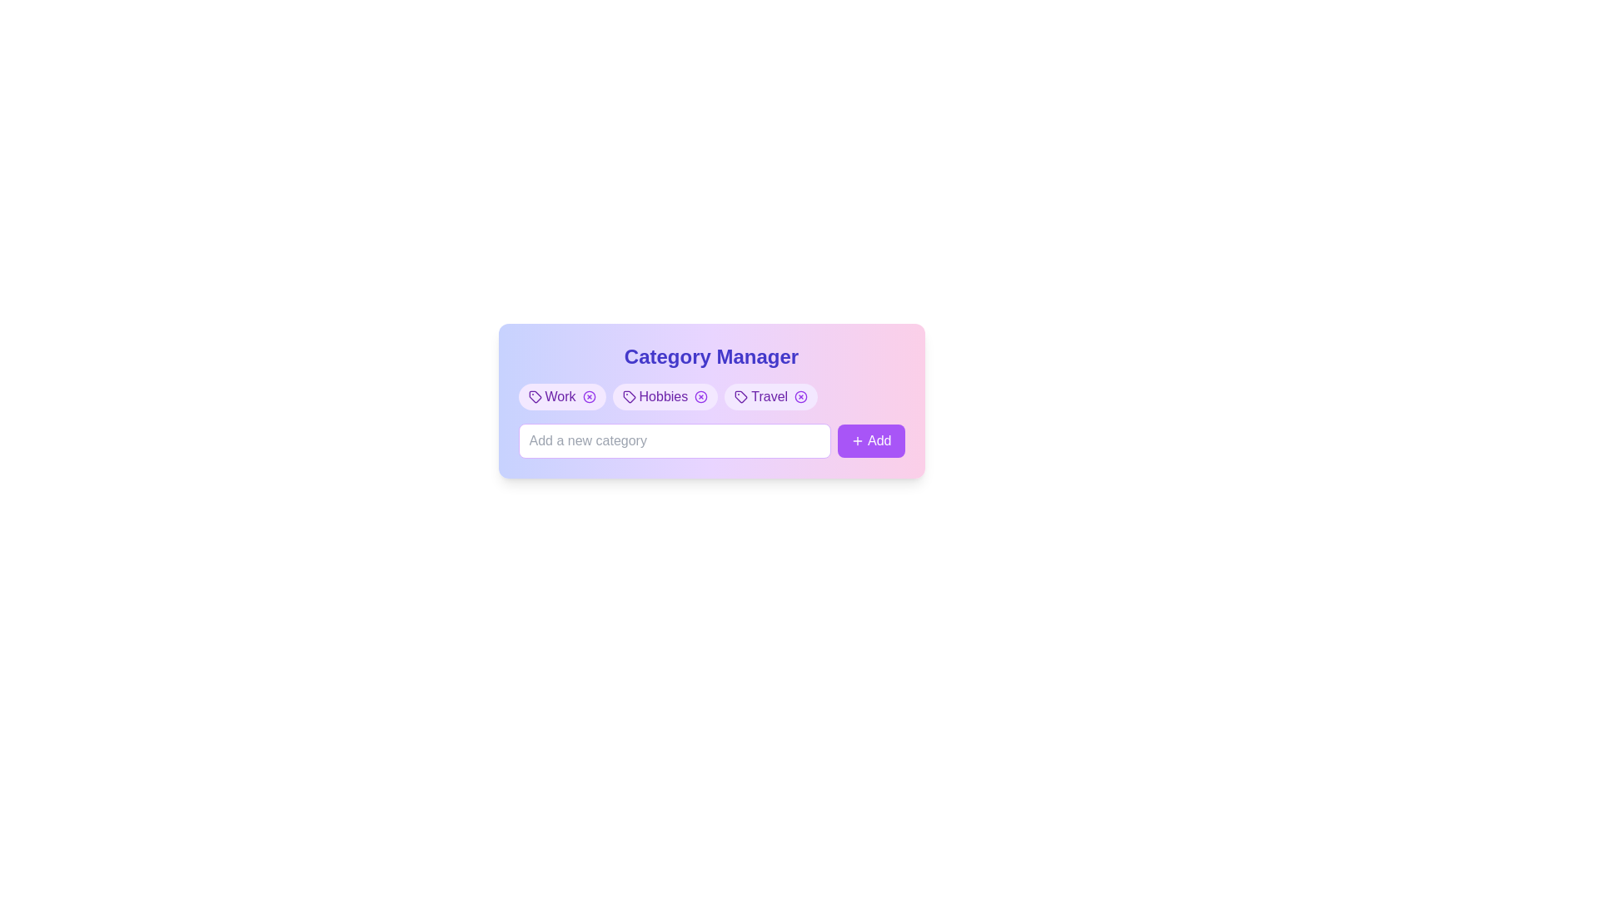 The width and height of the screenshot is (1599, 899). Describe the element at coordinates (701, 397) in the screenshot. I see `the small circular button with a purple outline and a cross ('X') in its center` at that location.